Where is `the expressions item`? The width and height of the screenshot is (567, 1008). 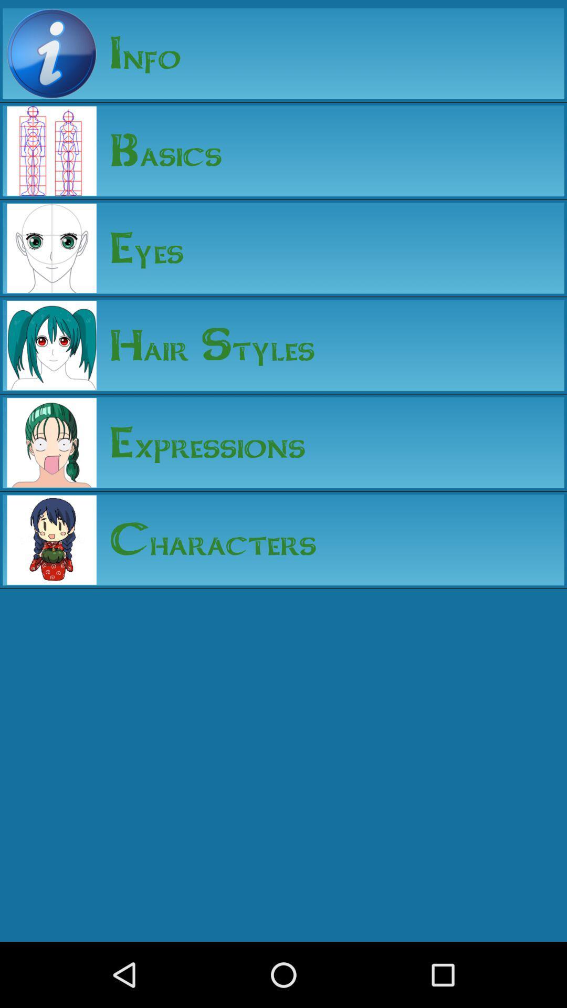
the expressions item is located at coordinates (201, 443).